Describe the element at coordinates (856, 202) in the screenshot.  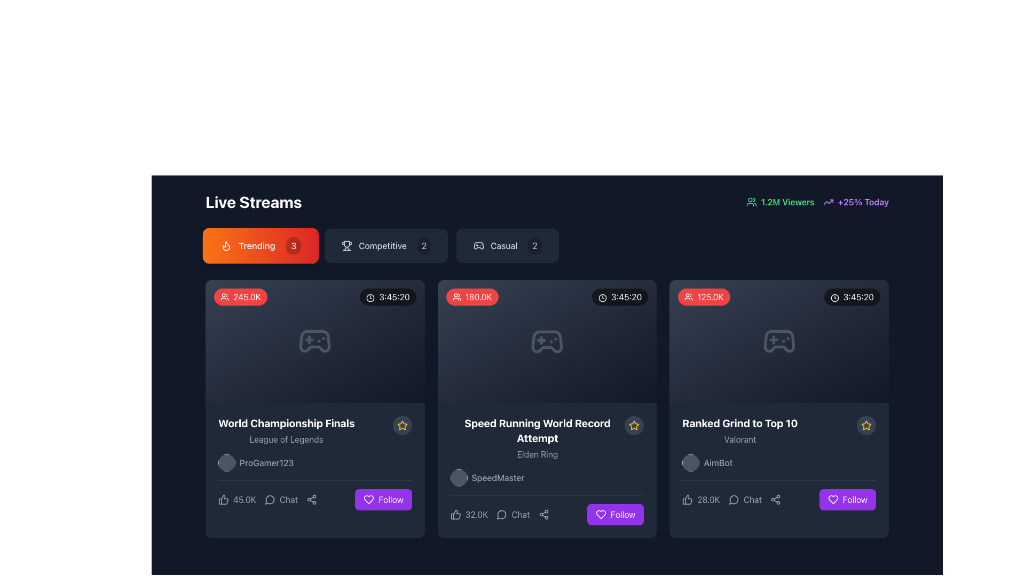
I see `the text with an icon indicating statistical growth, located in the top-right corner of the interface, next to the '1.2M Viewers' element` at that location.